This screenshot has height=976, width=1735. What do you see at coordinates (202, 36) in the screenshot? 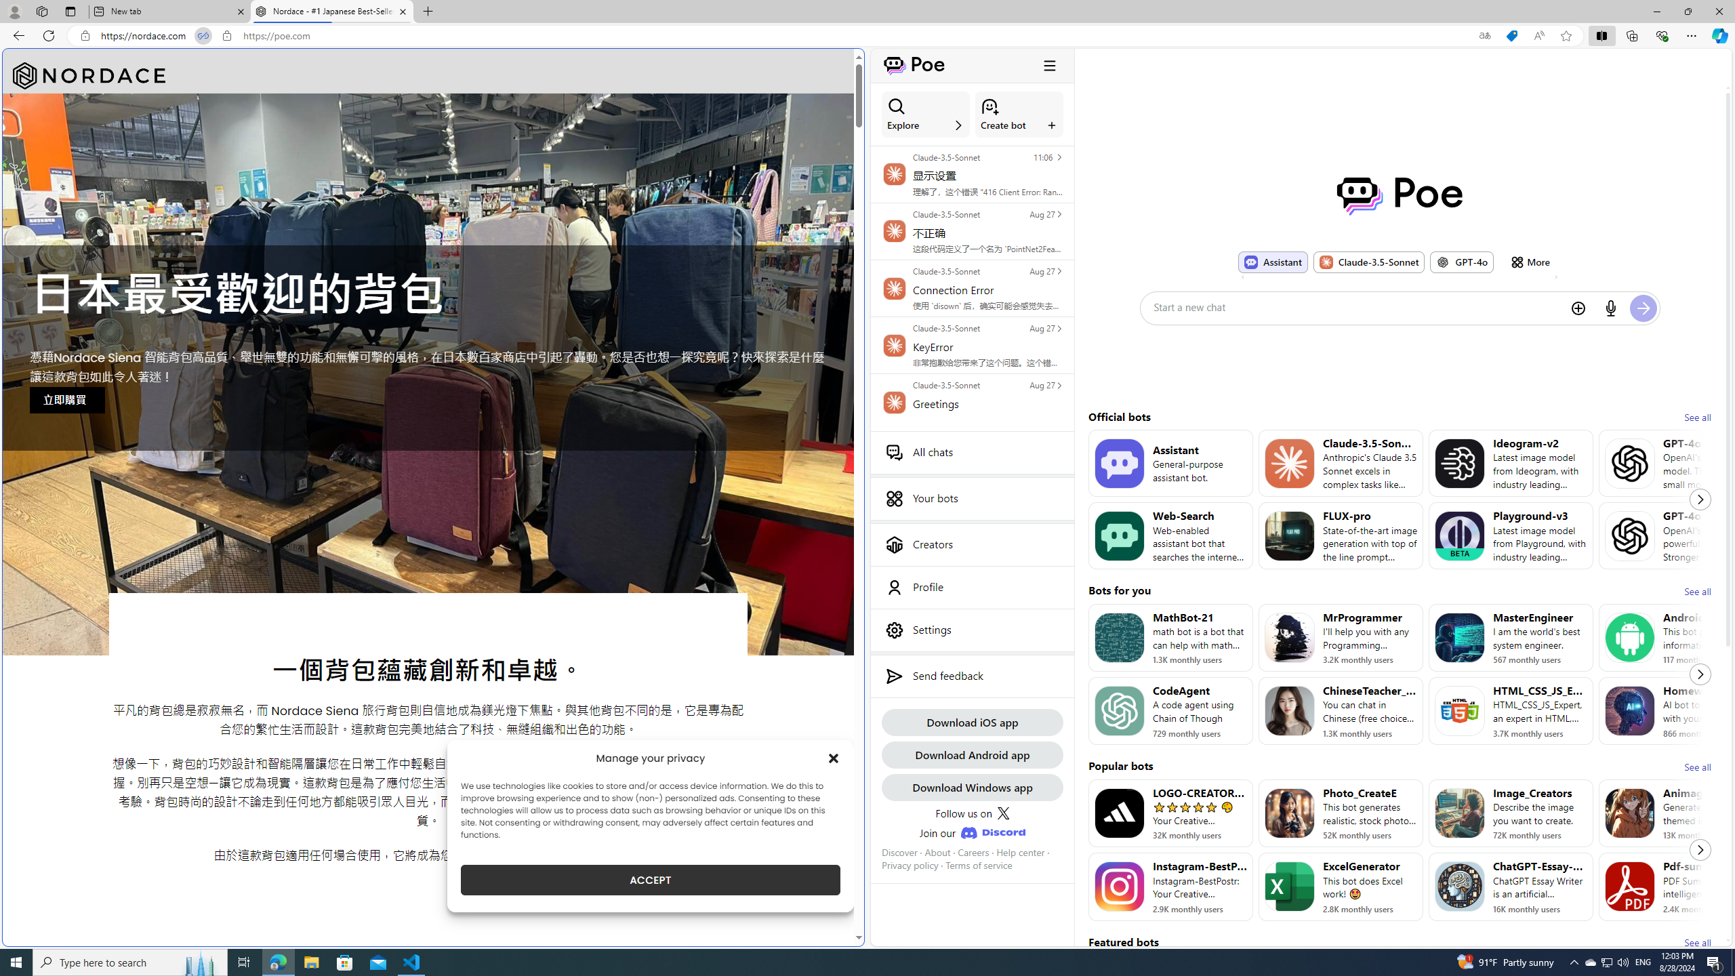
I see `'Tabs in split screen'` at bounding box center [202, 36].